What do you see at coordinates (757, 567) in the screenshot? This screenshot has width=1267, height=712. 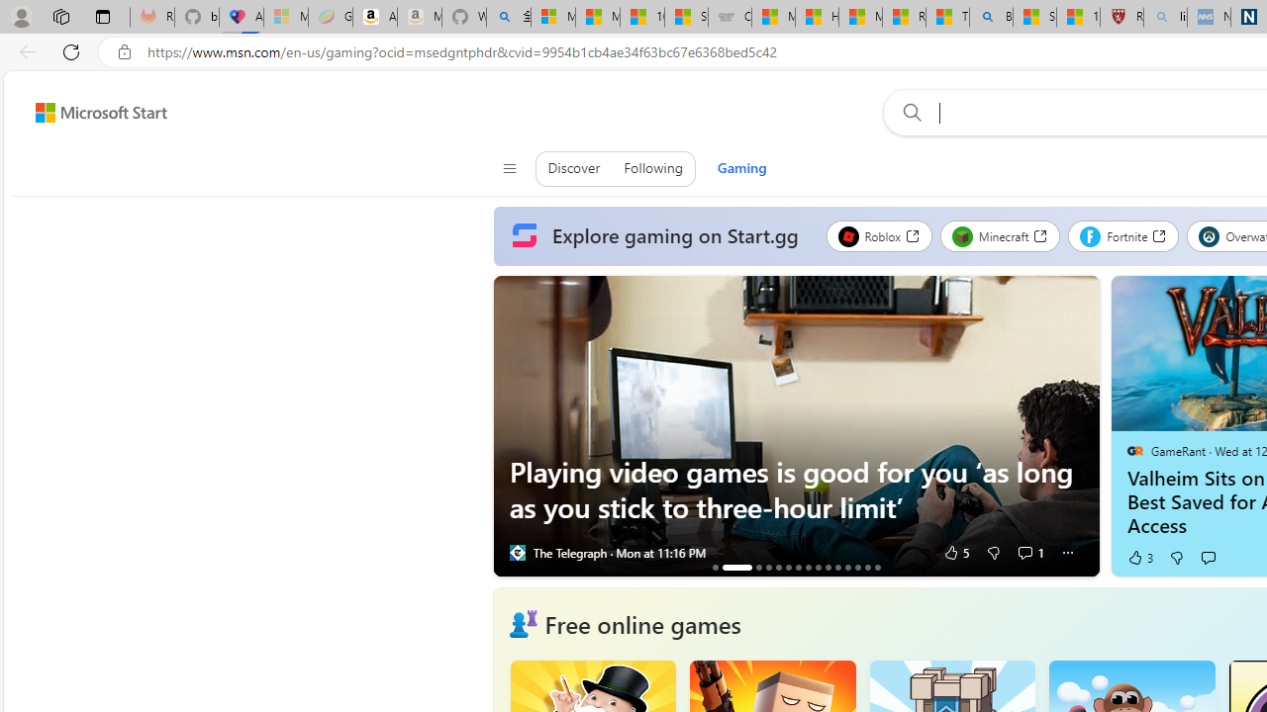 I see `'AutomationID: tab_nativead-infopane-3'` at bounding box center [757, 567].